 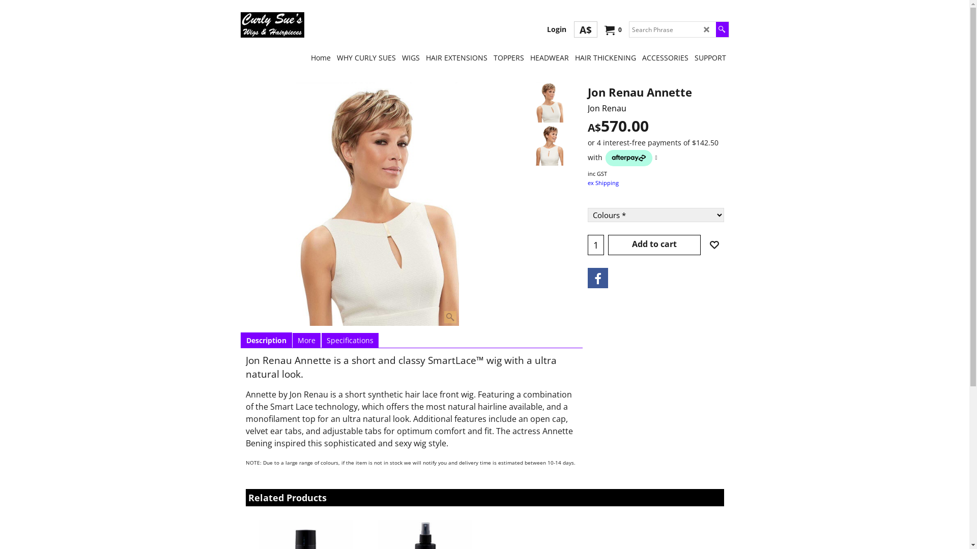 What do you see at coordinates (602, 182) in the screenshot?
I see `'ex Shipping'` at bounding box center [602, 182].